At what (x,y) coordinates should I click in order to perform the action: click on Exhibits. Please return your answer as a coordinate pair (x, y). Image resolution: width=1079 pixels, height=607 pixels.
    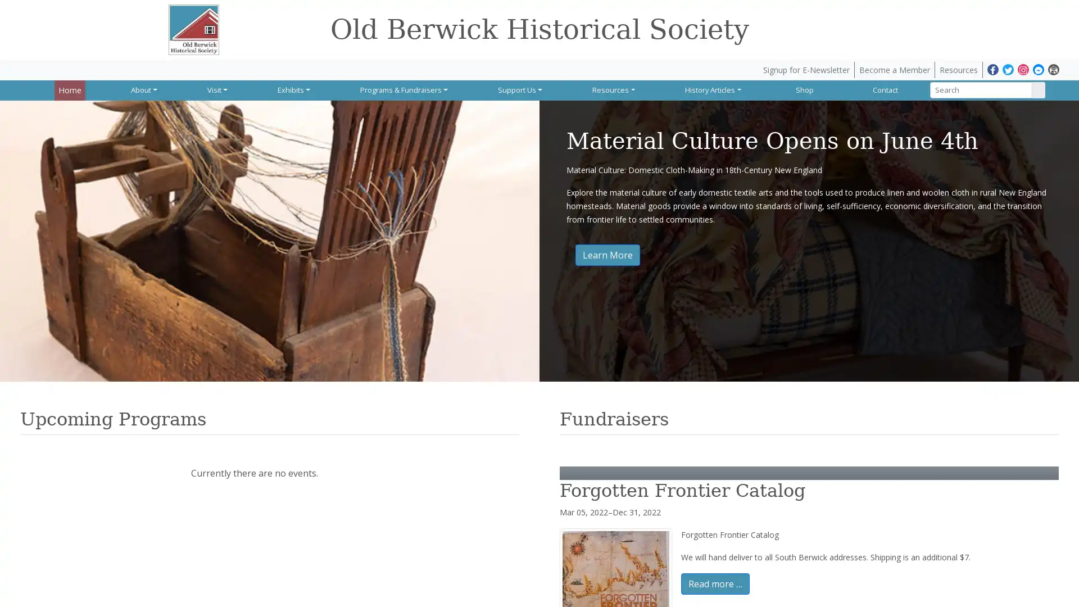
    Looking at the image, I should click on (292, 89).